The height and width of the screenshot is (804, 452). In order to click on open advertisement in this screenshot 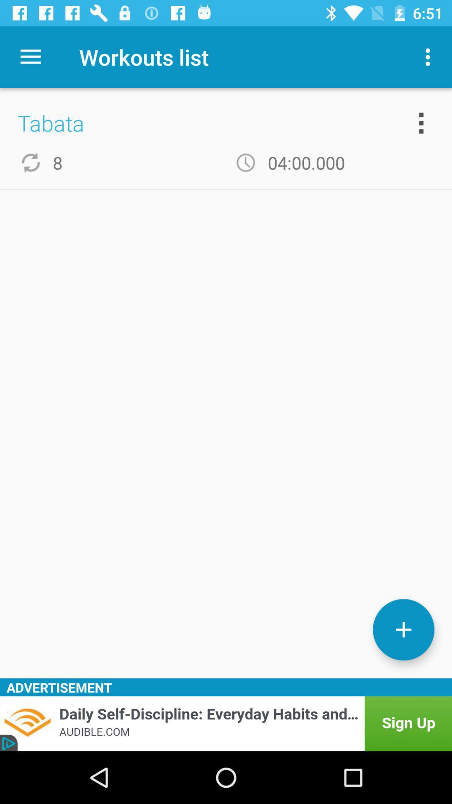, I will do `click(226, 723)`.